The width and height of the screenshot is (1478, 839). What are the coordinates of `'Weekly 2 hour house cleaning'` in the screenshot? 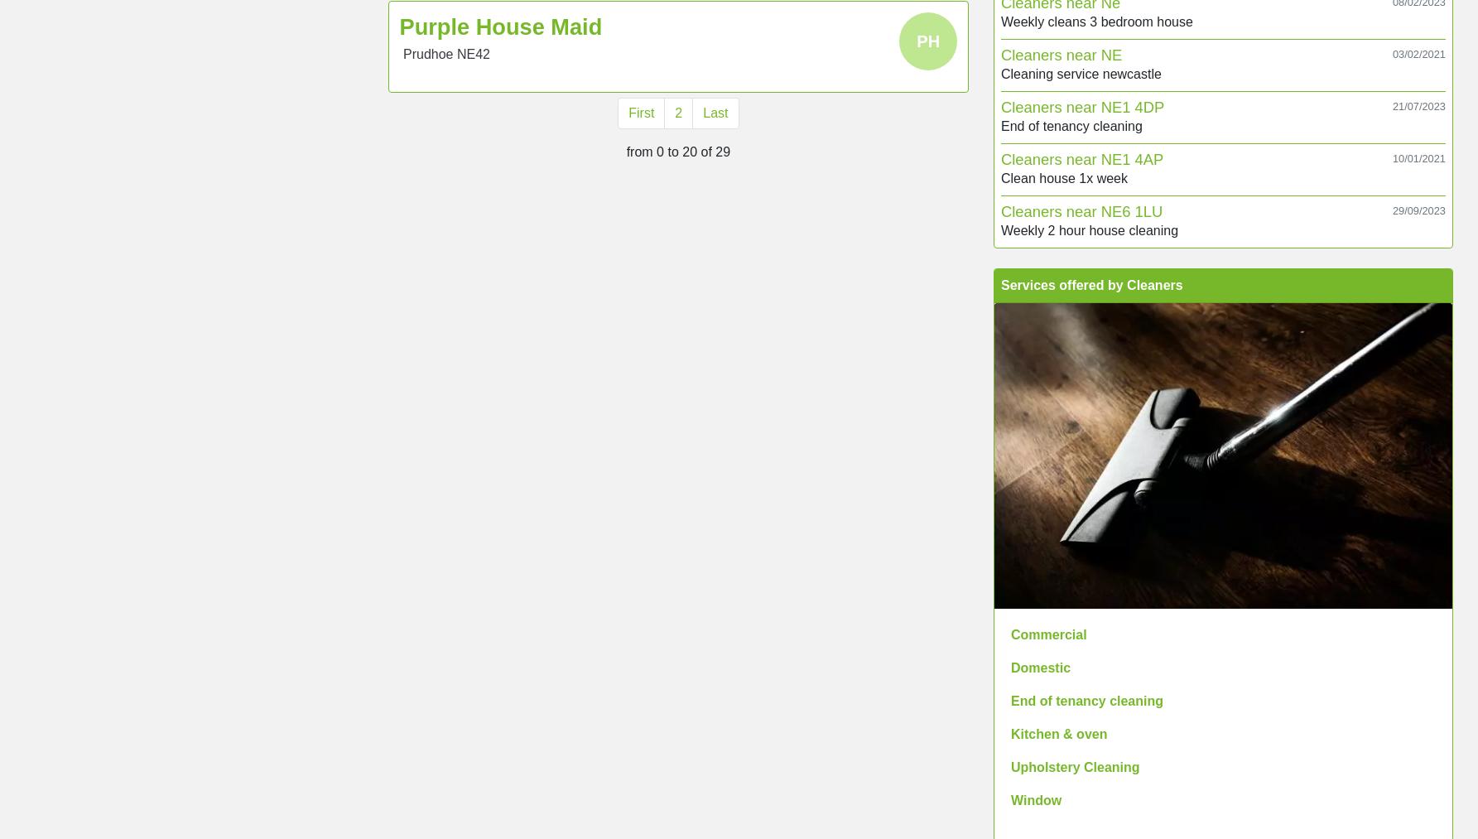 It's located at (1090, 229).